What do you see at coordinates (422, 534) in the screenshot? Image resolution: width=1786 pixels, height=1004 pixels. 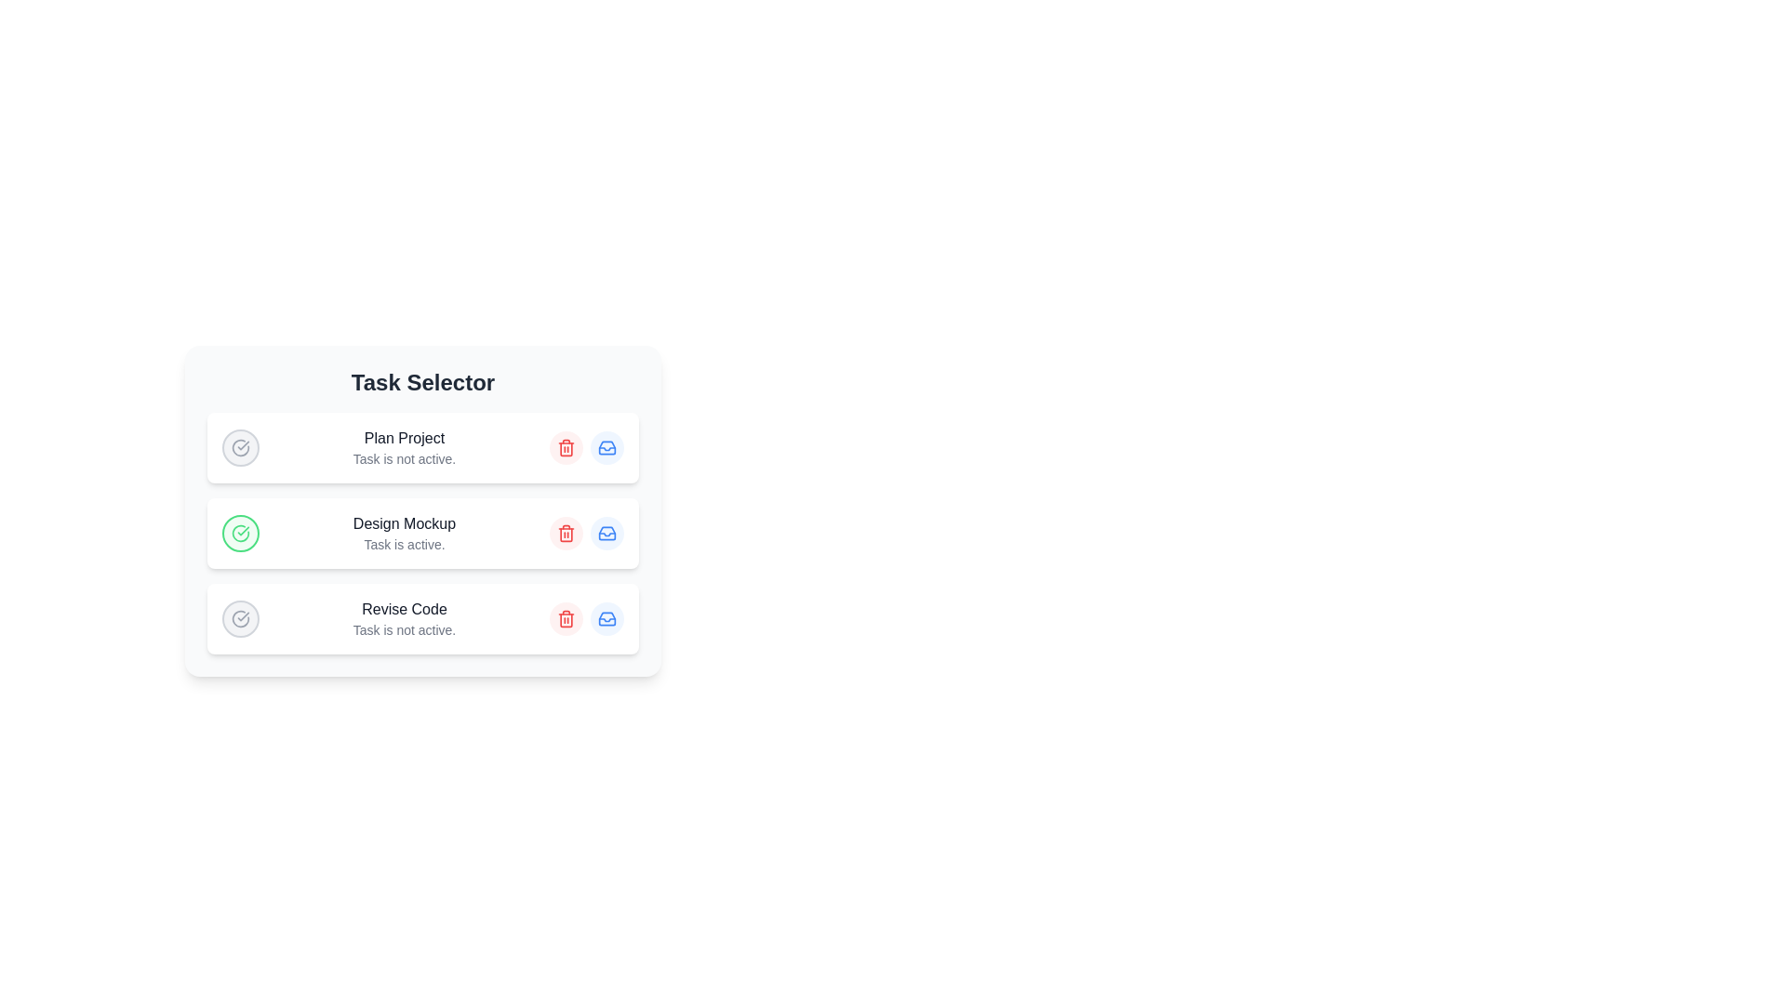 I see `the checkmark icon on the task selector item for 'Design Mockup' to mark it as active/inactive` at bounding box center [422, 534].